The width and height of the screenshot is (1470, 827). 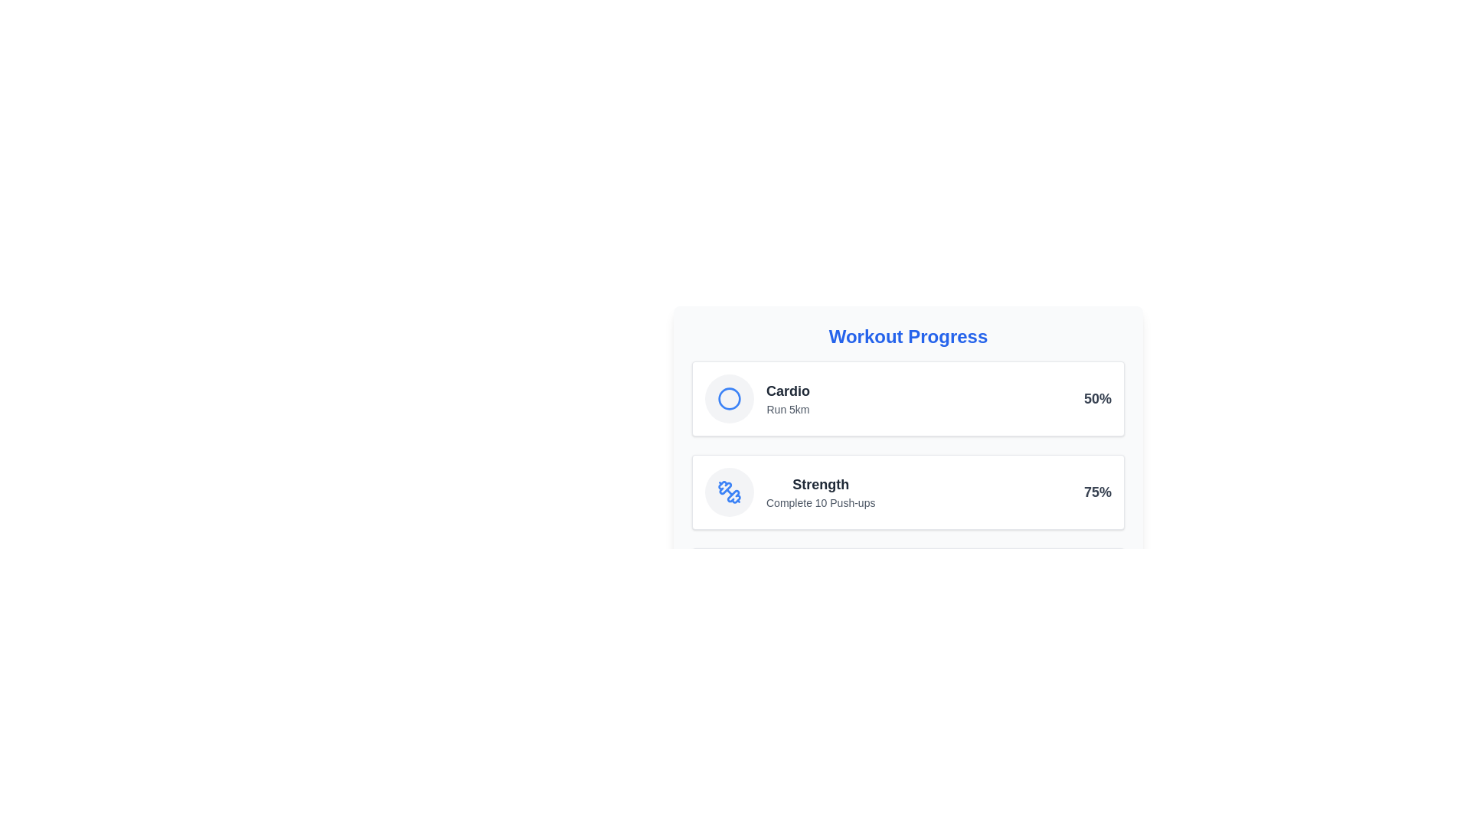 I want to click on the text display indicating the activity 'Run 5km' located below the 'Cardio' label, so click(x=788, y=409).